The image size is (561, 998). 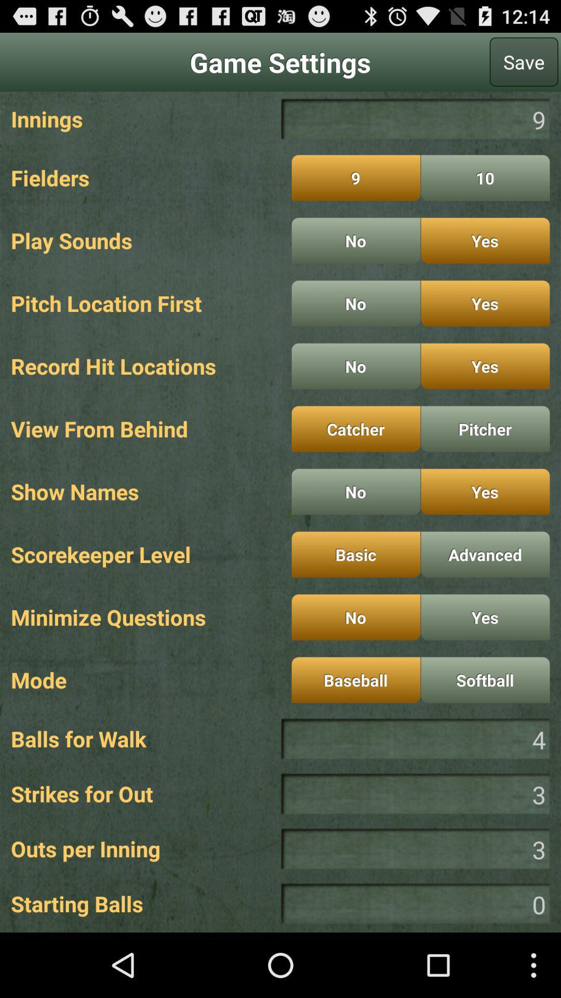 What do you see at coordinates (355, 680) in the screenshot?
I see `the button which is next to the mode` at bounding box center [355, 680].